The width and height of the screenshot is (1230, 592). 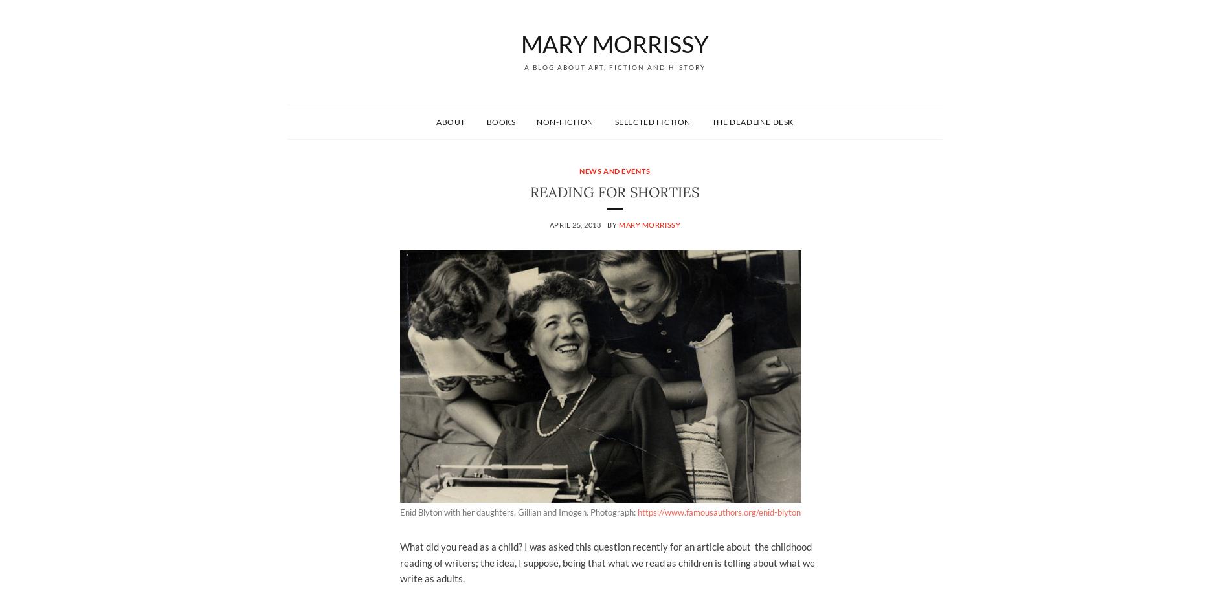 I want to click on 'https://www.famousauthors.org/enid-blyton', so click(x=719, y=512).